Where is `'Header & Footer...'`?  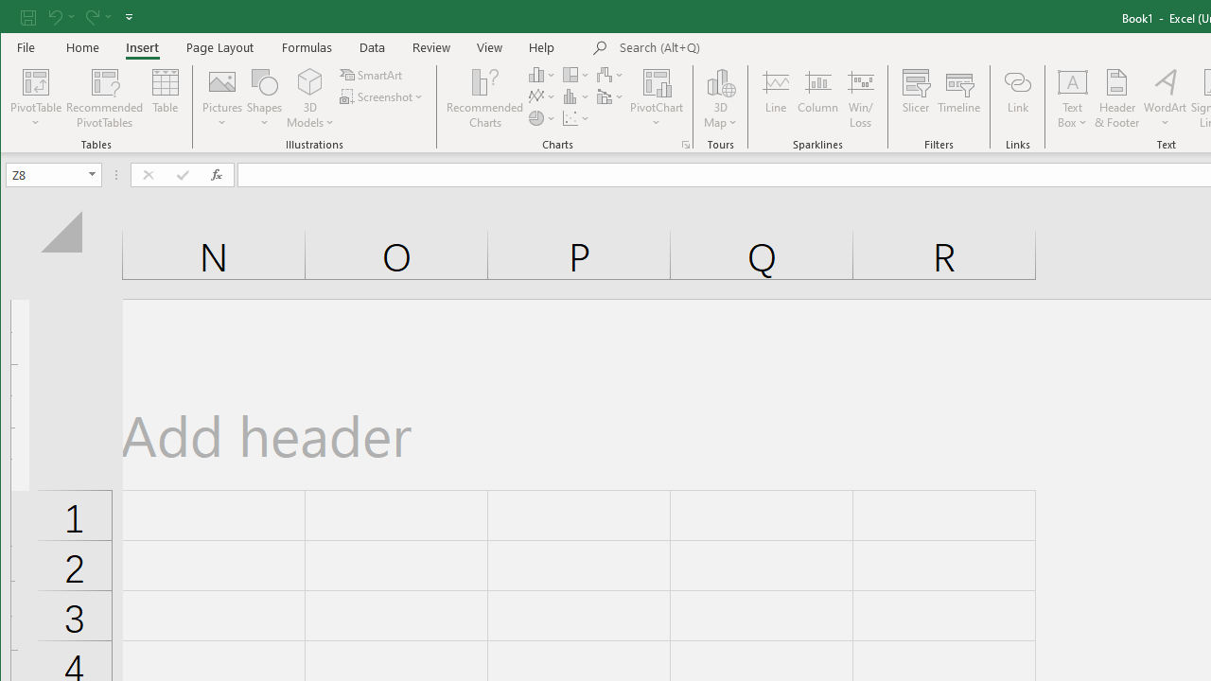
'Header & Footer...' is located at coordinates (1116, 98).